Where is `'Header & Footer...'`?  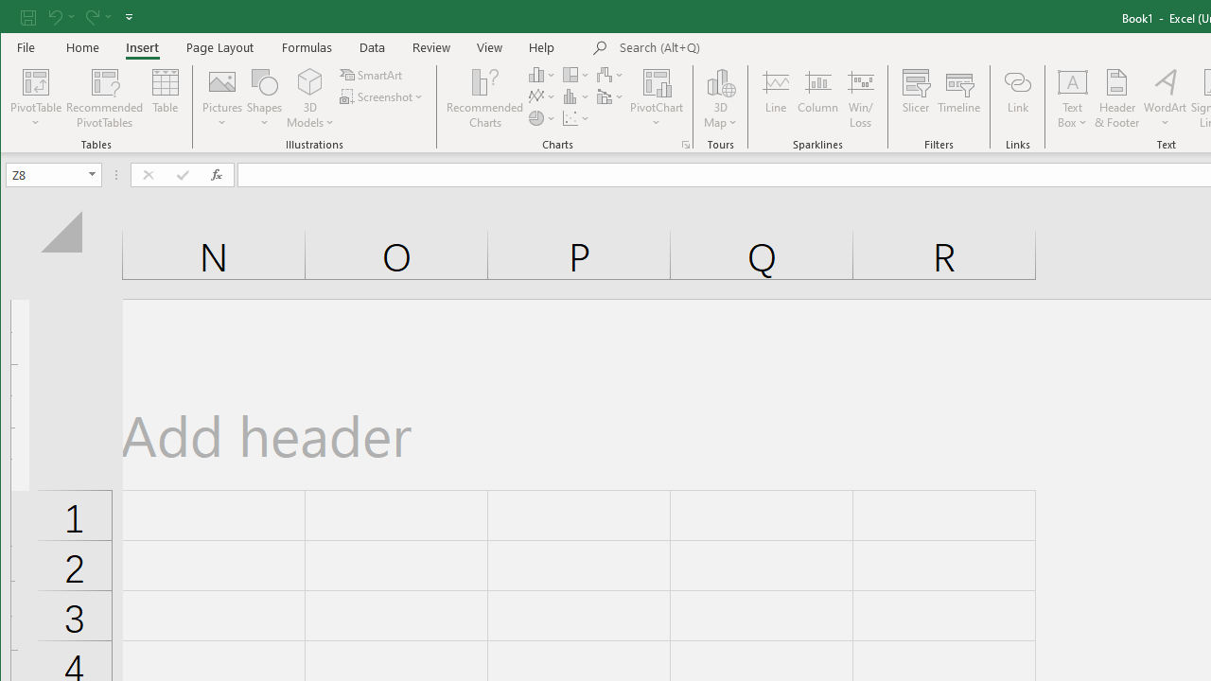
'Header & Footer...' is located at coordinates (1116, 98).